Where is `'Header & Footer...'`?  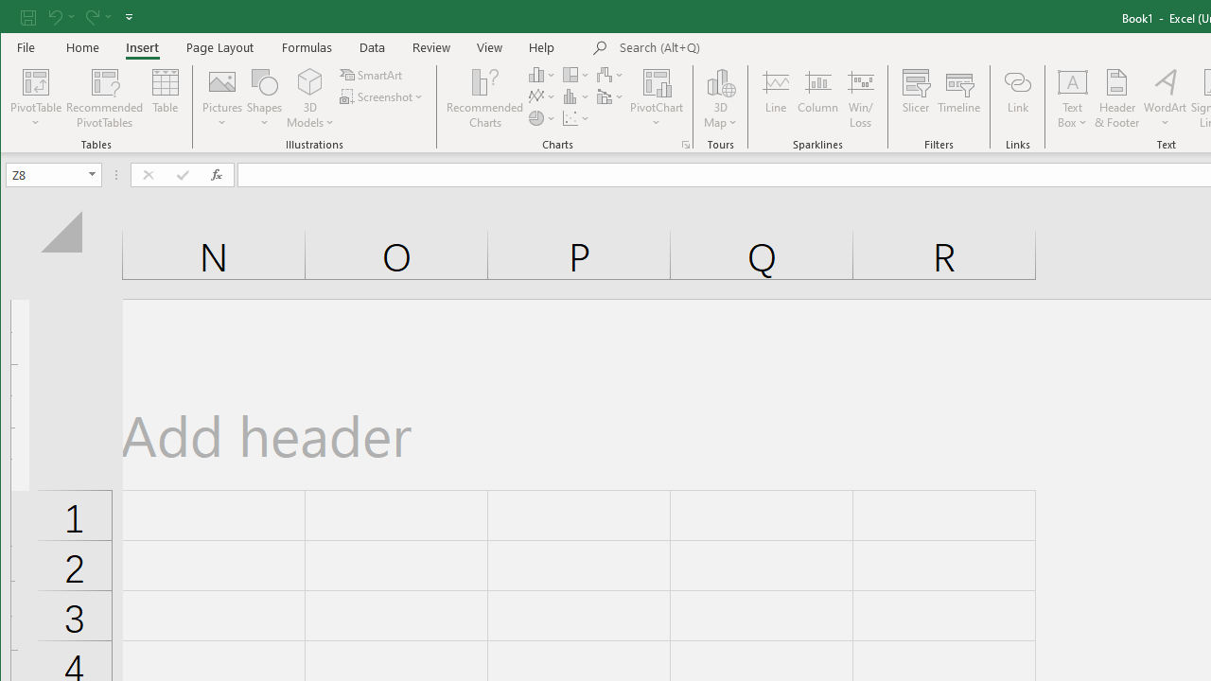
'Header & Footer...' is located at coordinates (1116, 98).